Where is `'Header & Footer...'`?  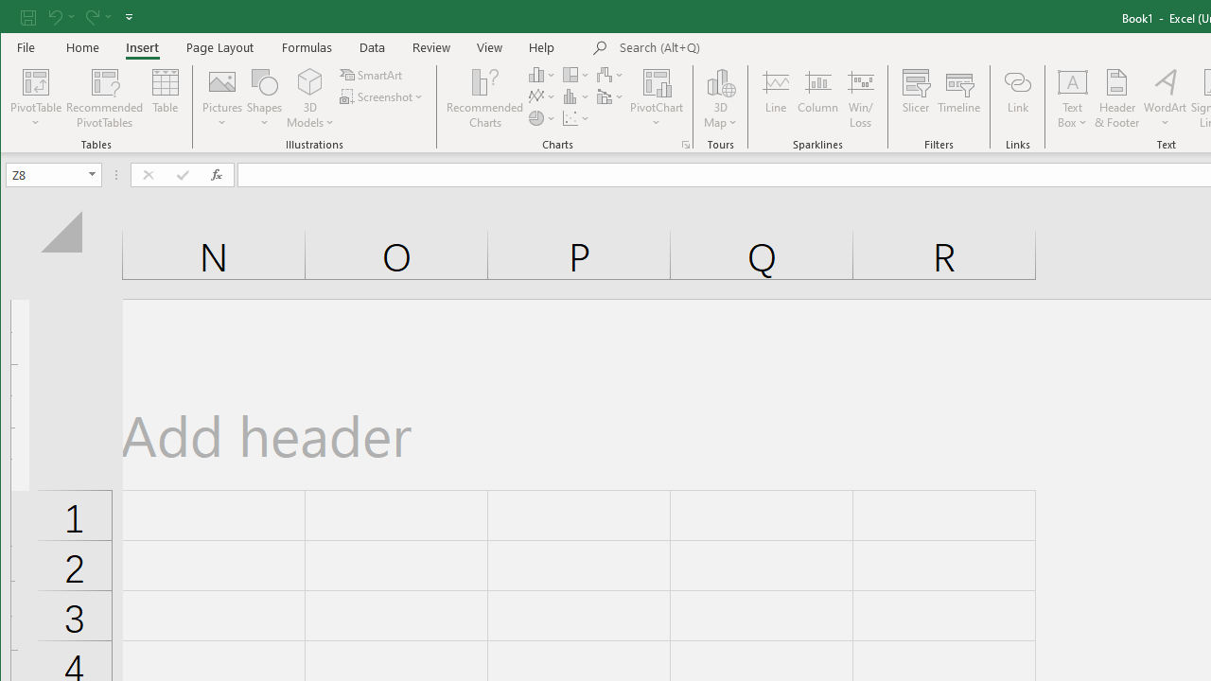
'Header & Footer...' is located at coordinates (1116, 98).